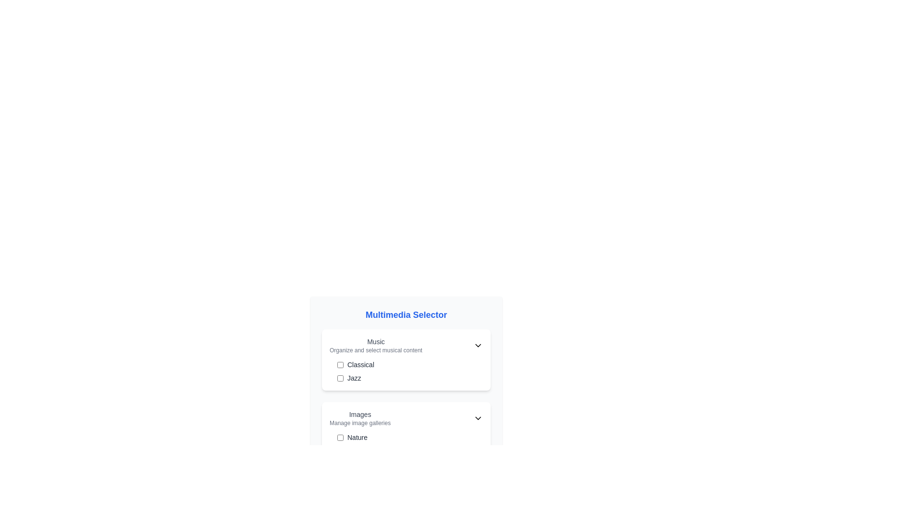 The image size is (920, 517). Describe the element at coordinates (478, 418) in the screenshot. I see `the dropdown toggle (expand/collapse caret) located in the 'Images' section next to 'Manage image galleries'` at that location.